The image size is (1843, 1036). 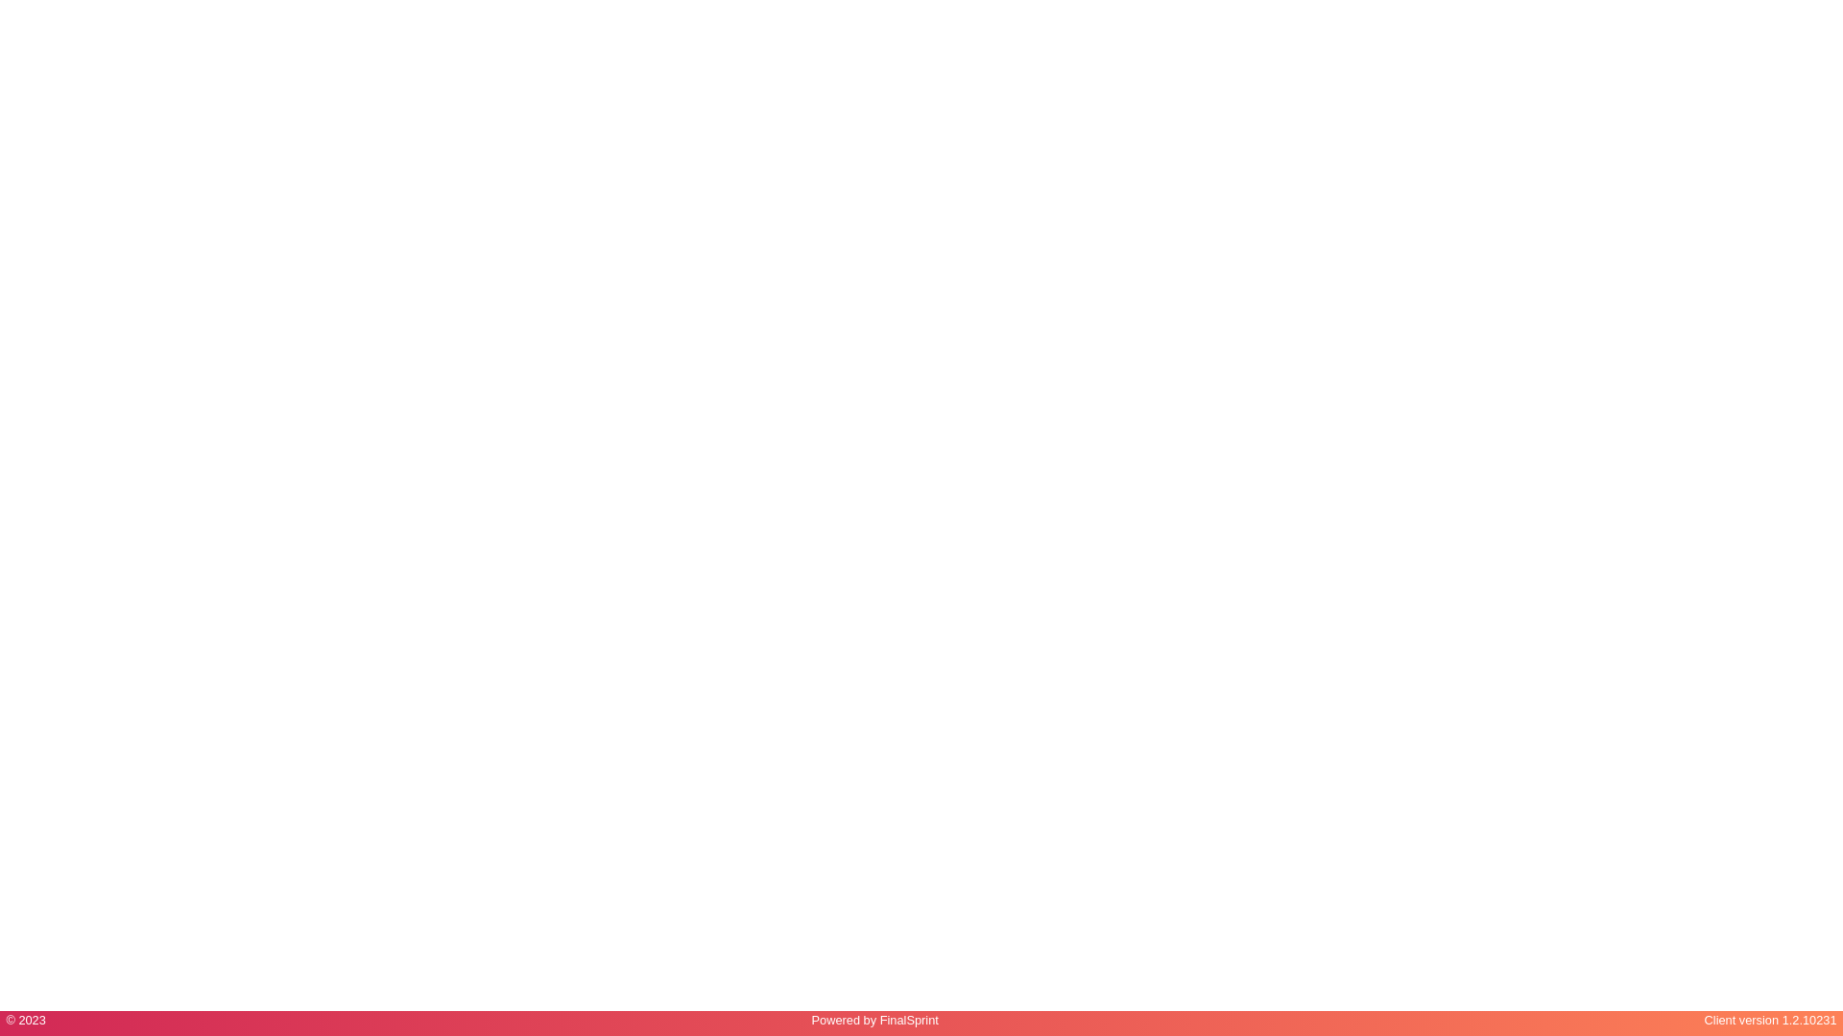 I want to click on 'FinalSprint', so click(x=878, y=1019).